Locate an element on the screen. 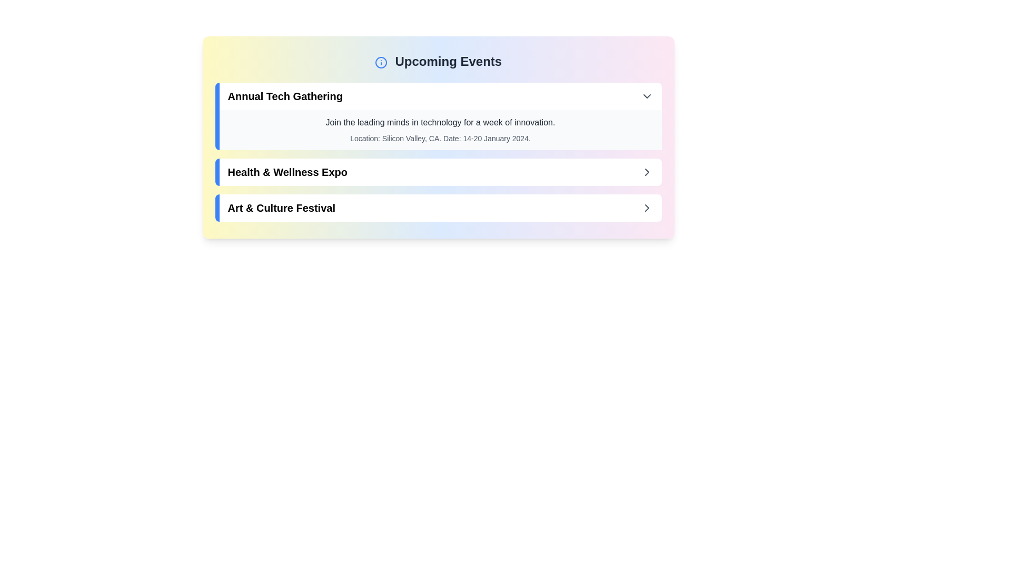 The width and height of the screenshot is (1011, 569). the third interactive card in the 'Upcoming Events' section is located at coordinates (440, 208).